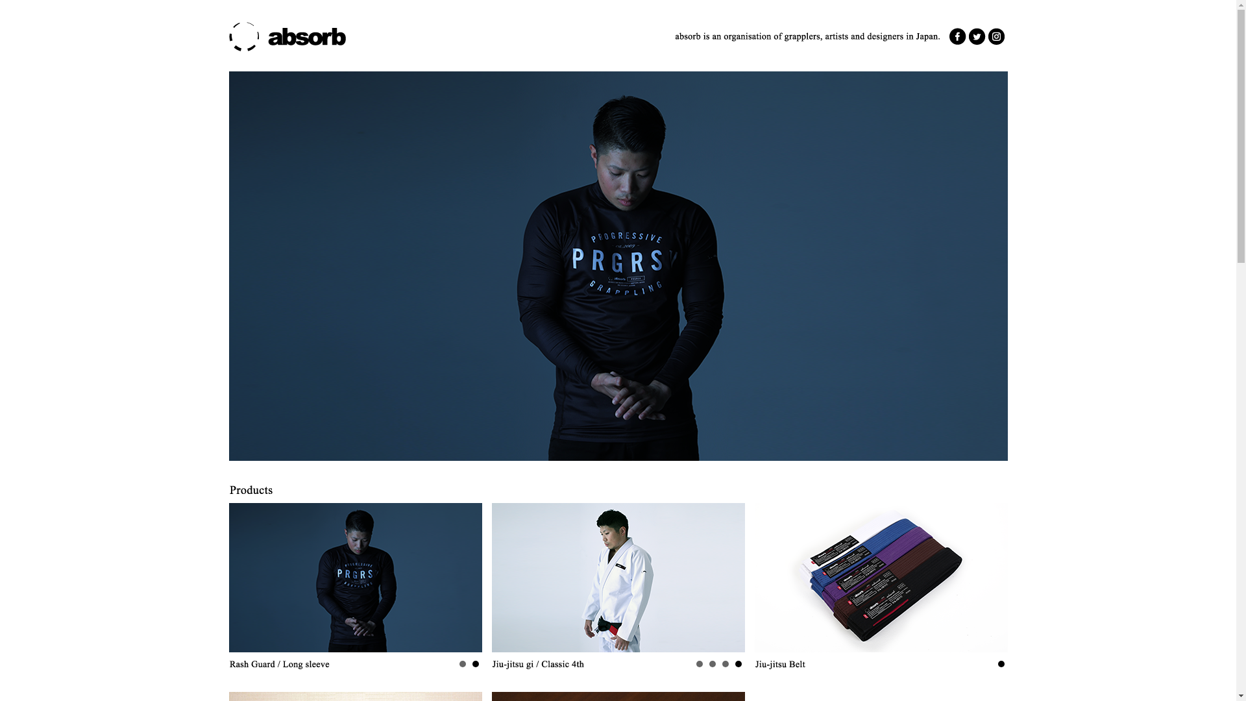  Describe the element at coordinates (724, 663) in the screenshot. I see `'2'` at that location.